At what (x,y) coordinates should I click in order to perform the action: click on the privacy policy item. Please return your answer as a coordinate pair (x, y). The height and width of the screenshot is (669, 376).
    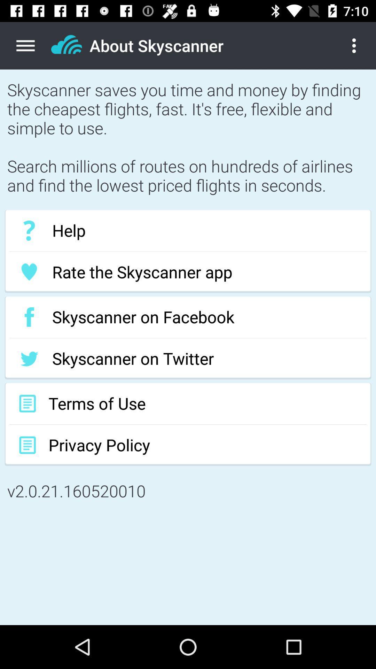
    Looking at the image, I should click on (188, 445).